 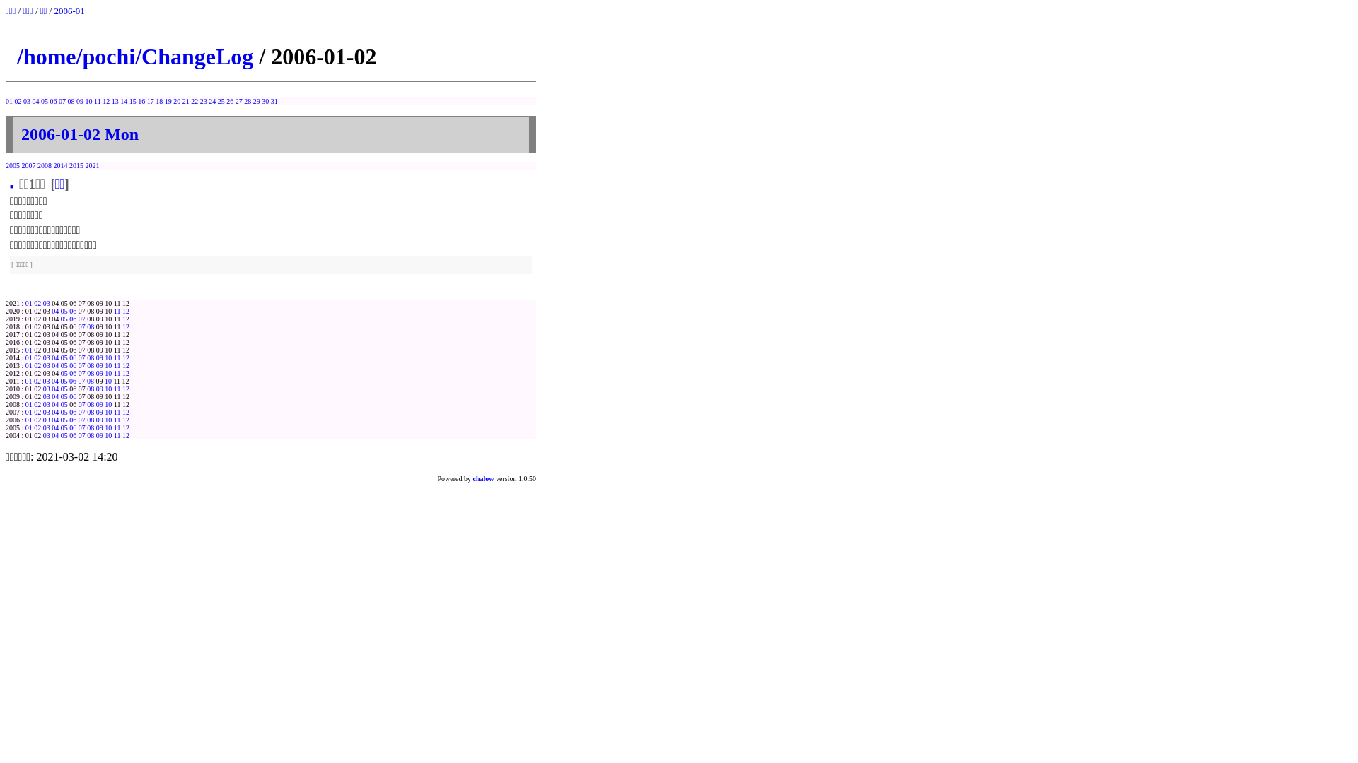 What do you see at coordinates (54, 404) in the screenshot?
I see `'04'` at bounding box center [54, 404].